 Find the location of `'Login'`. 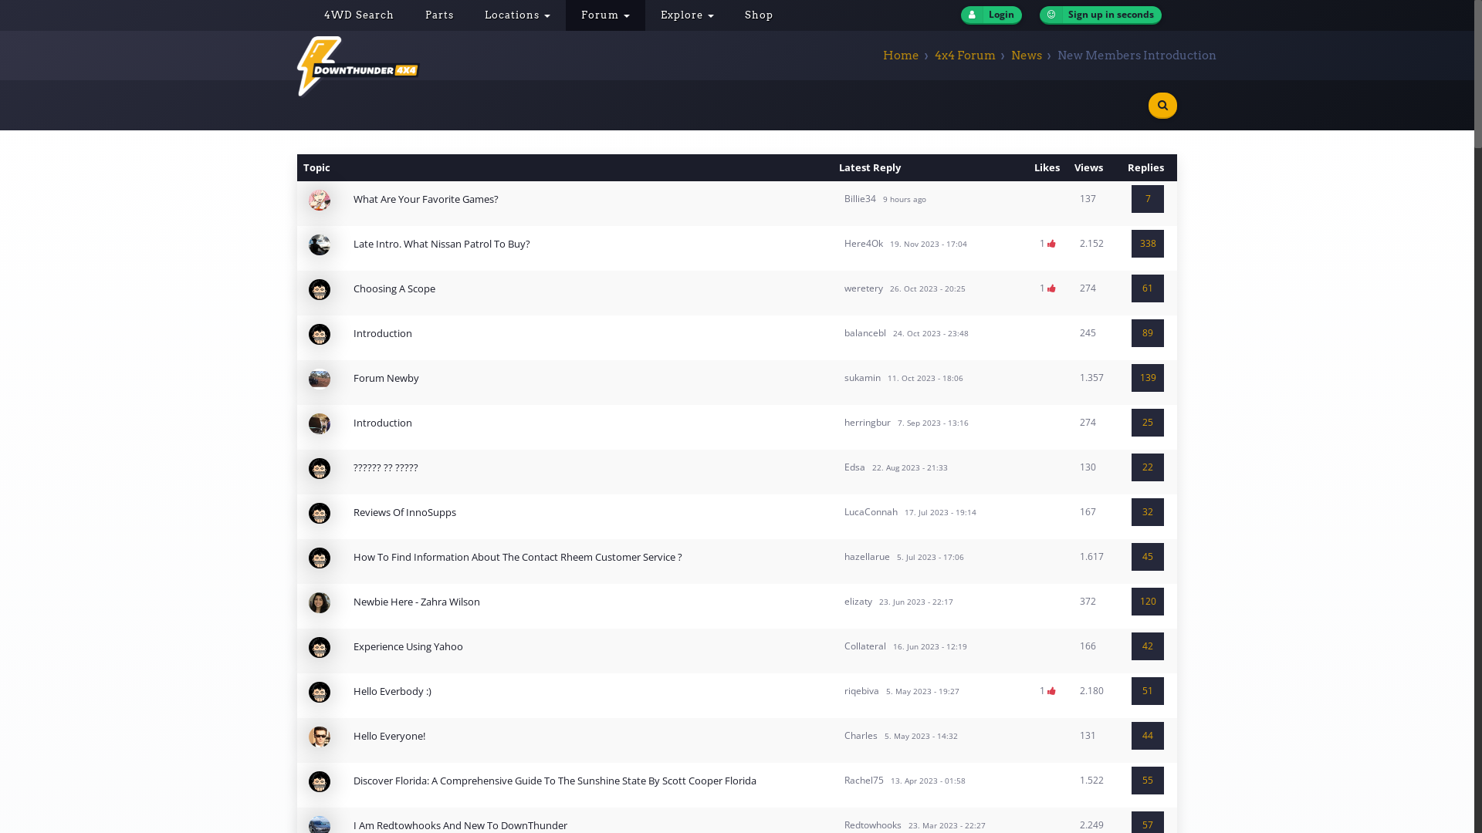

'Login' is located at coordinates (959, 15).